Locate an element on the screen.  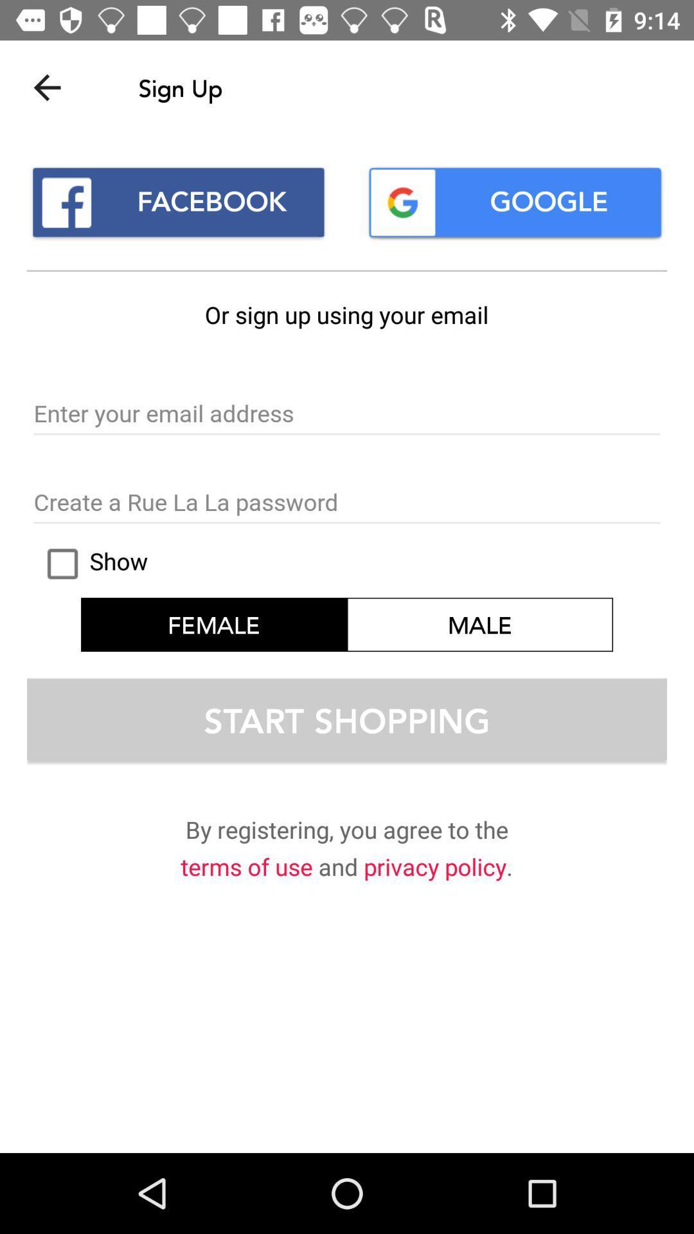
password is located at coordinates (347, 503).